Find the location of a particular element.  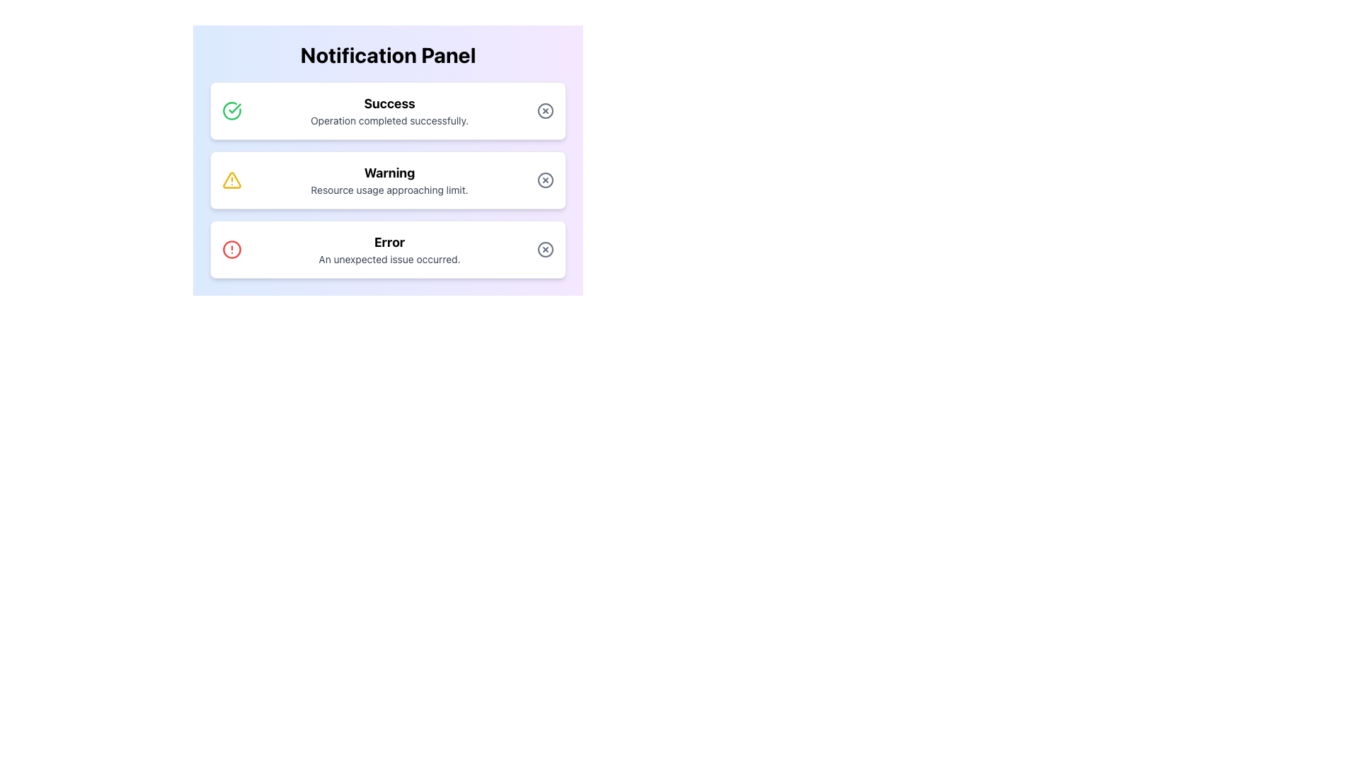

the error notification text block that indicates an error with a bolded title 'Error' and a message 'An unexpected issue occurred.' within the third notification card in the Notification Panel is located at coordinates (389, 249).